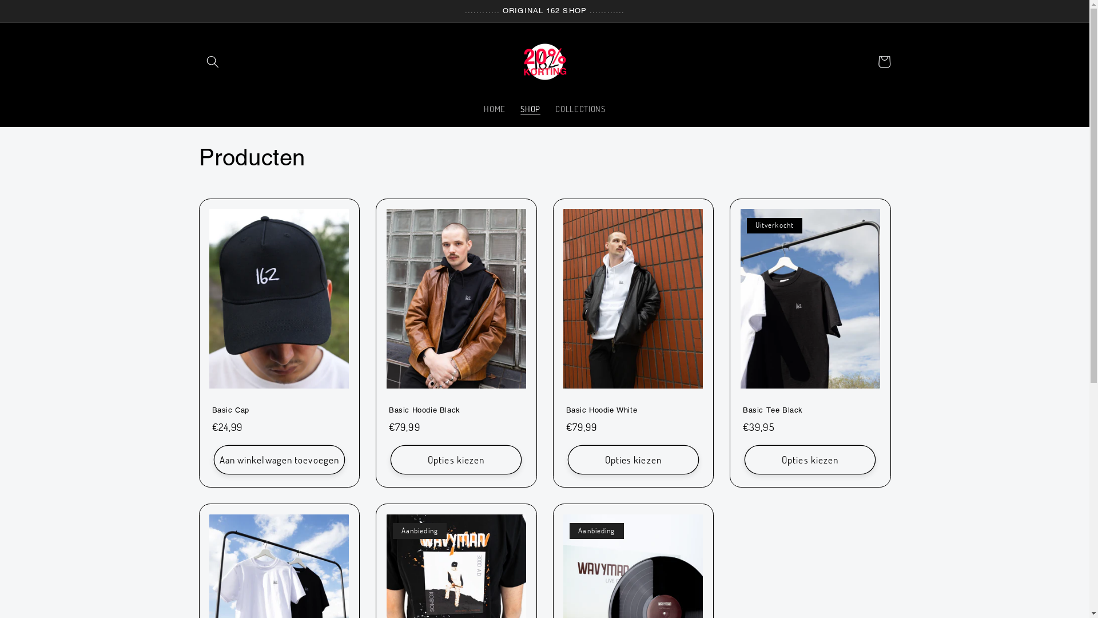  I want to click on 'HOME', so click(494, 109).